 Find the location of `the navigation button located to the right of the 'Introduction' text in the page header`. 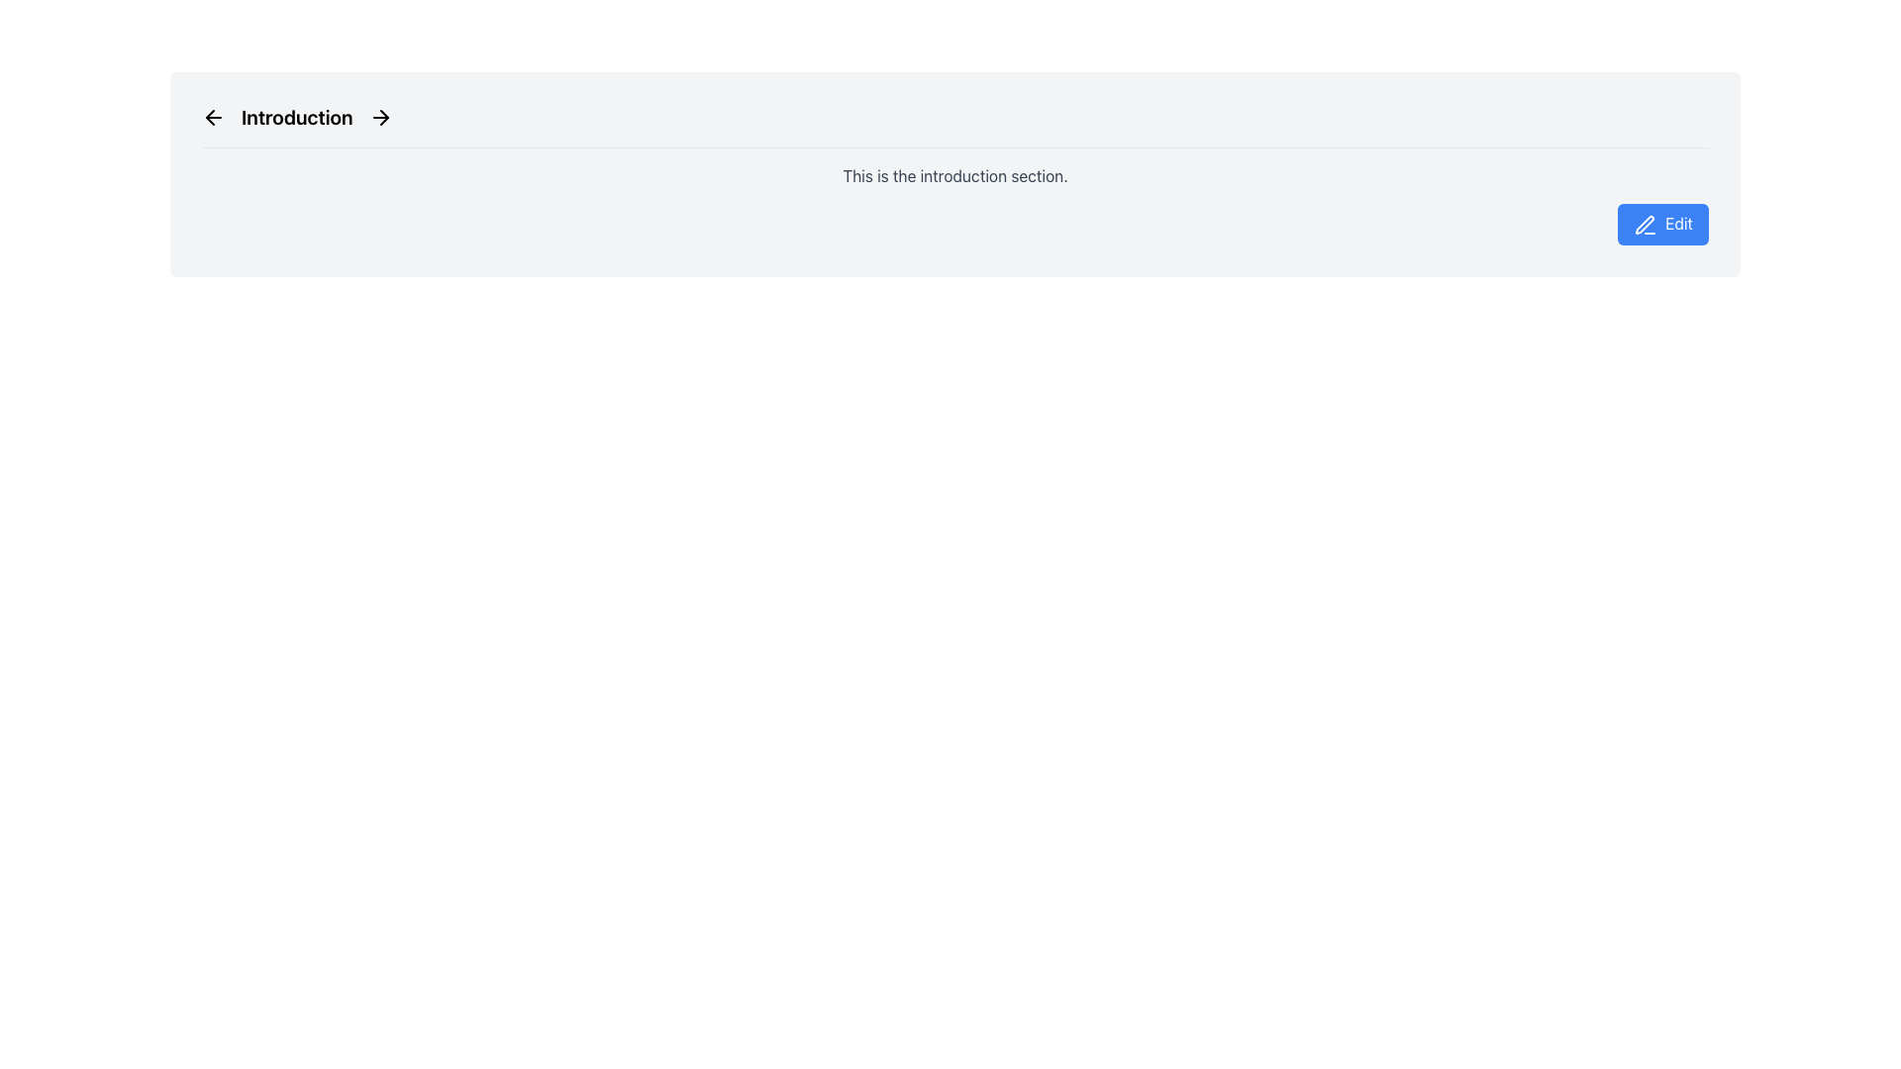

the navigation button located to the right of the 'Introduction' text in the page header is located at coordinates (380, 118).